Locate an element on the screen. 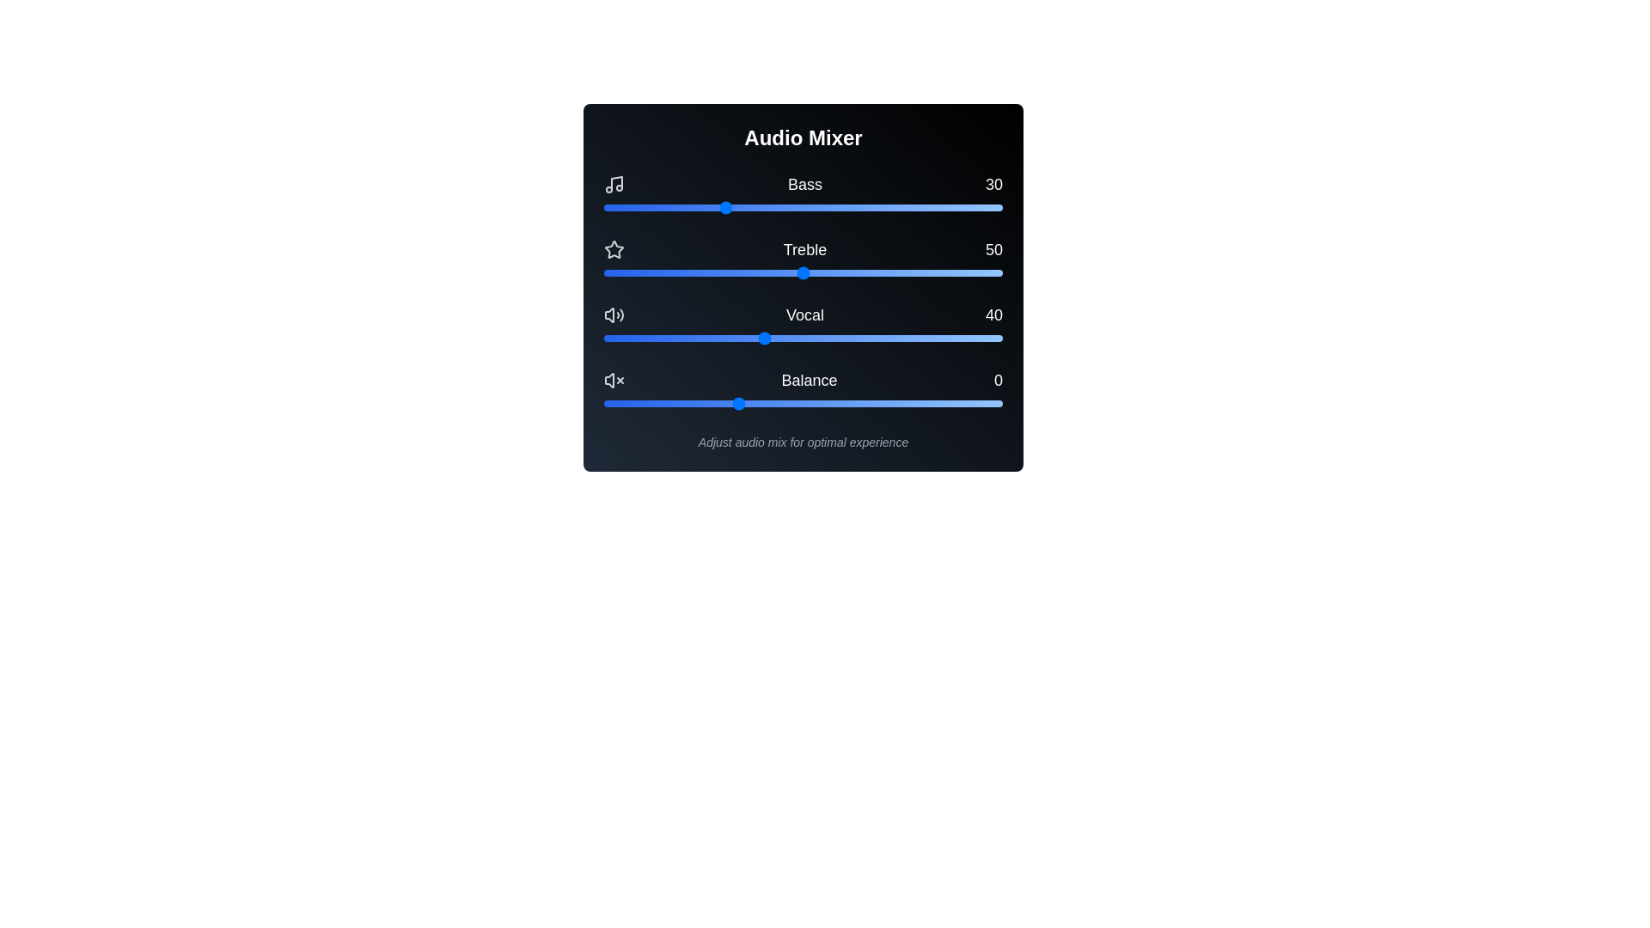 The image size is (1650, 928). the balance slider to -22 within its range of -50 to 100 is located at coordinates (677, 404).